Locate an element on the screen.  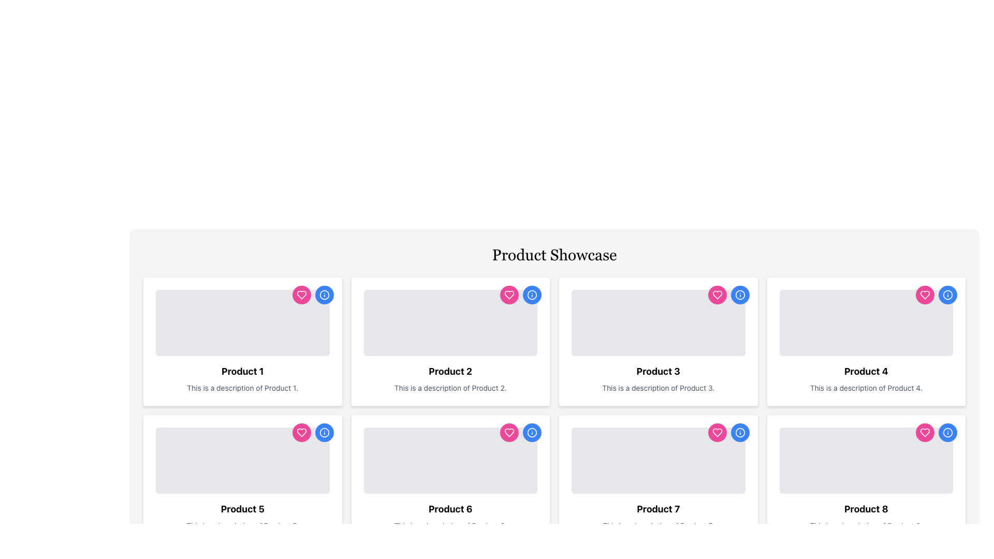
the text label that provides a brief description of 'Product 2', located in the second product card of the first row in the grid layout is located at coordinates (450, 388).